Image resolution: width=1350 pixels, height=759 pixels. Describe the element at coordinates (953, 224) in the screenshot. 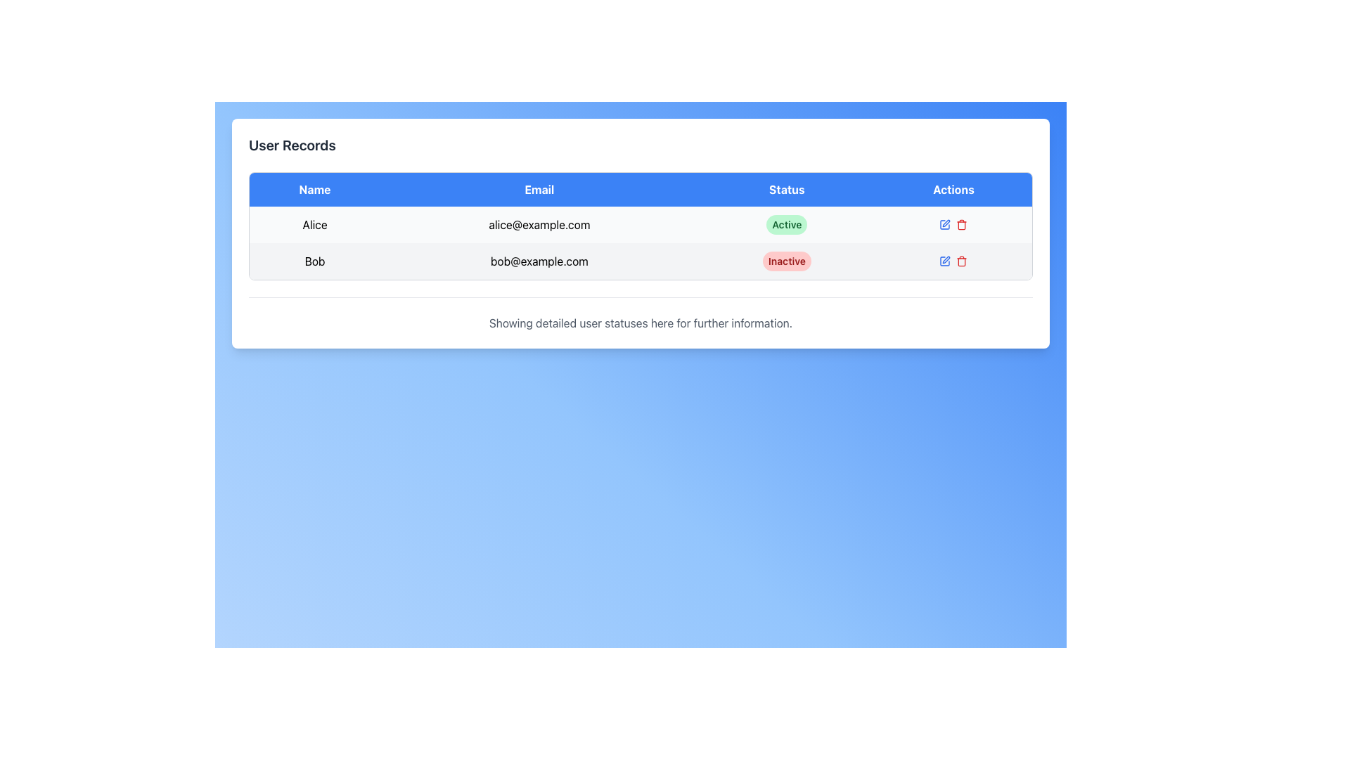

I see `the delete icon in the Actions column of the user row displaying user information for 'Alice'` at that location.